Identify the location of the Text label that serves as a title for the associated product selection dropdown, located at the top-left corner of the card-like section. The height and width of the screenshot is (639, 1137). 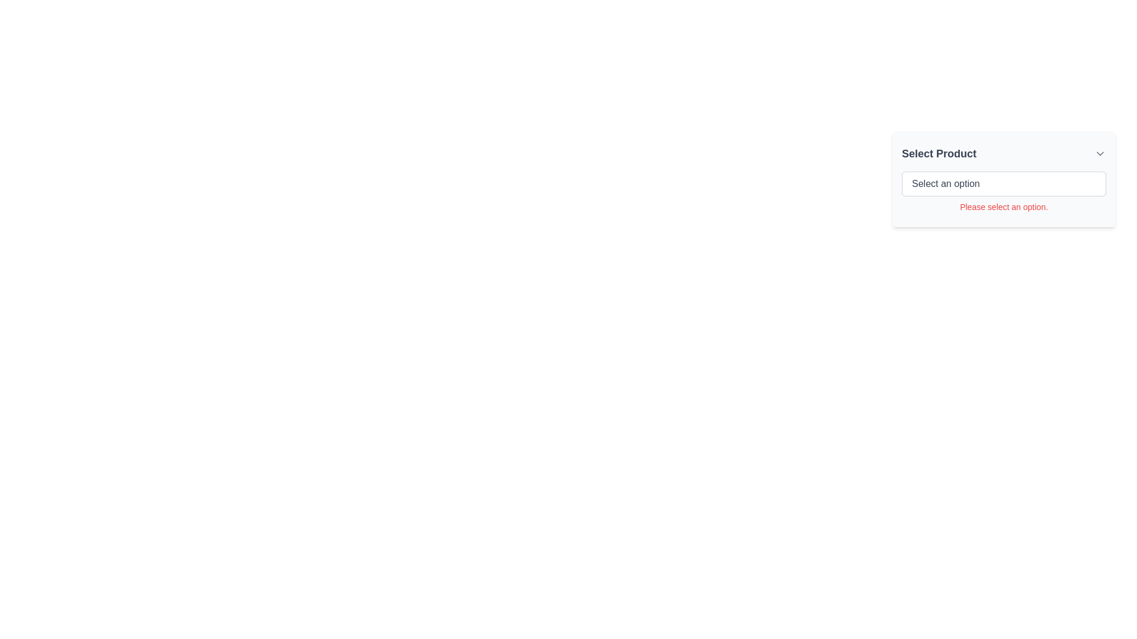
(939, 153).